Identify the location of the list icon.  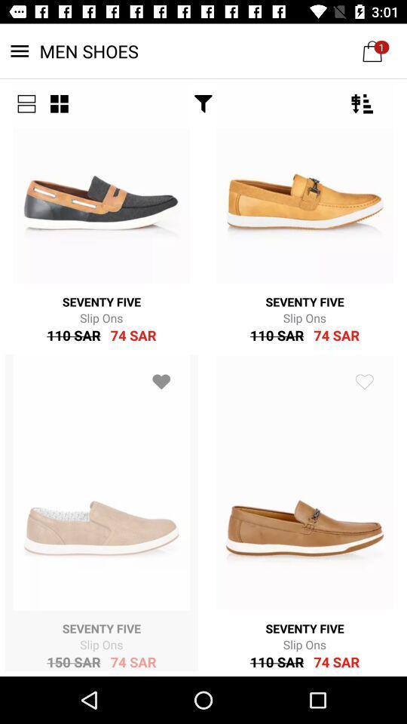
(26, 103).